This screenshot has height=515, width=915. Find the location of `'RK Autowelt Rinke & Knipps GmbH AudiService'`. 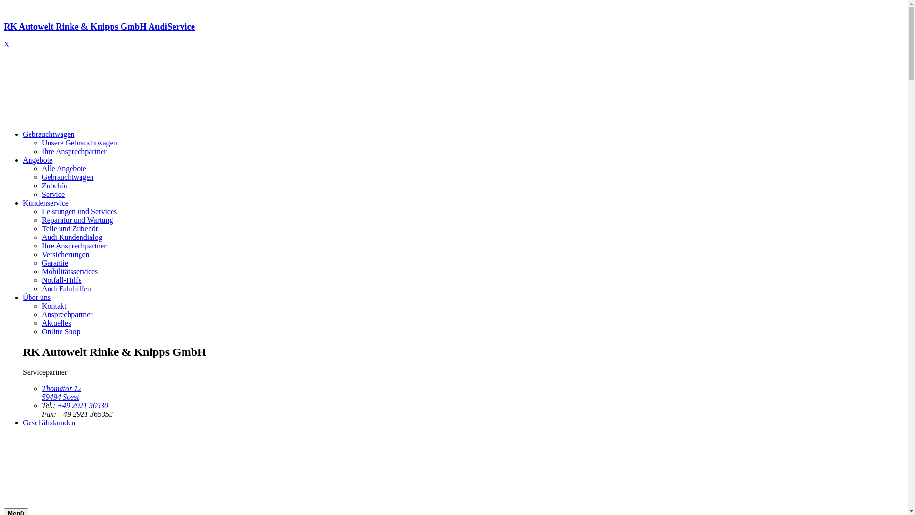

'RK Autowelt Rinke & Knipps GmbH AudiService' is located at coordinates (453, 35).